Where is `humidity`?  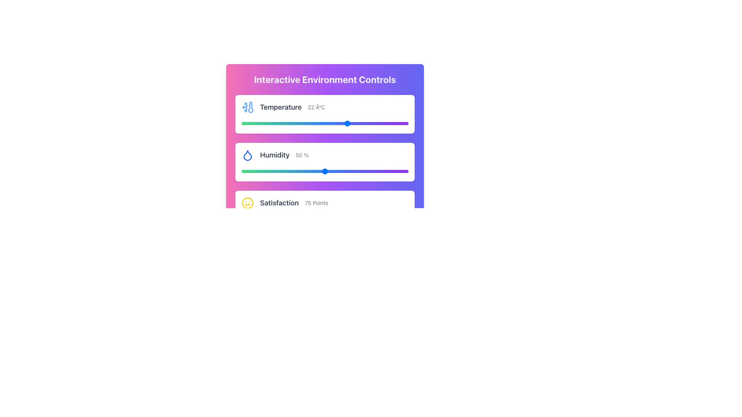
humidity is located at coordinates (291, 171).